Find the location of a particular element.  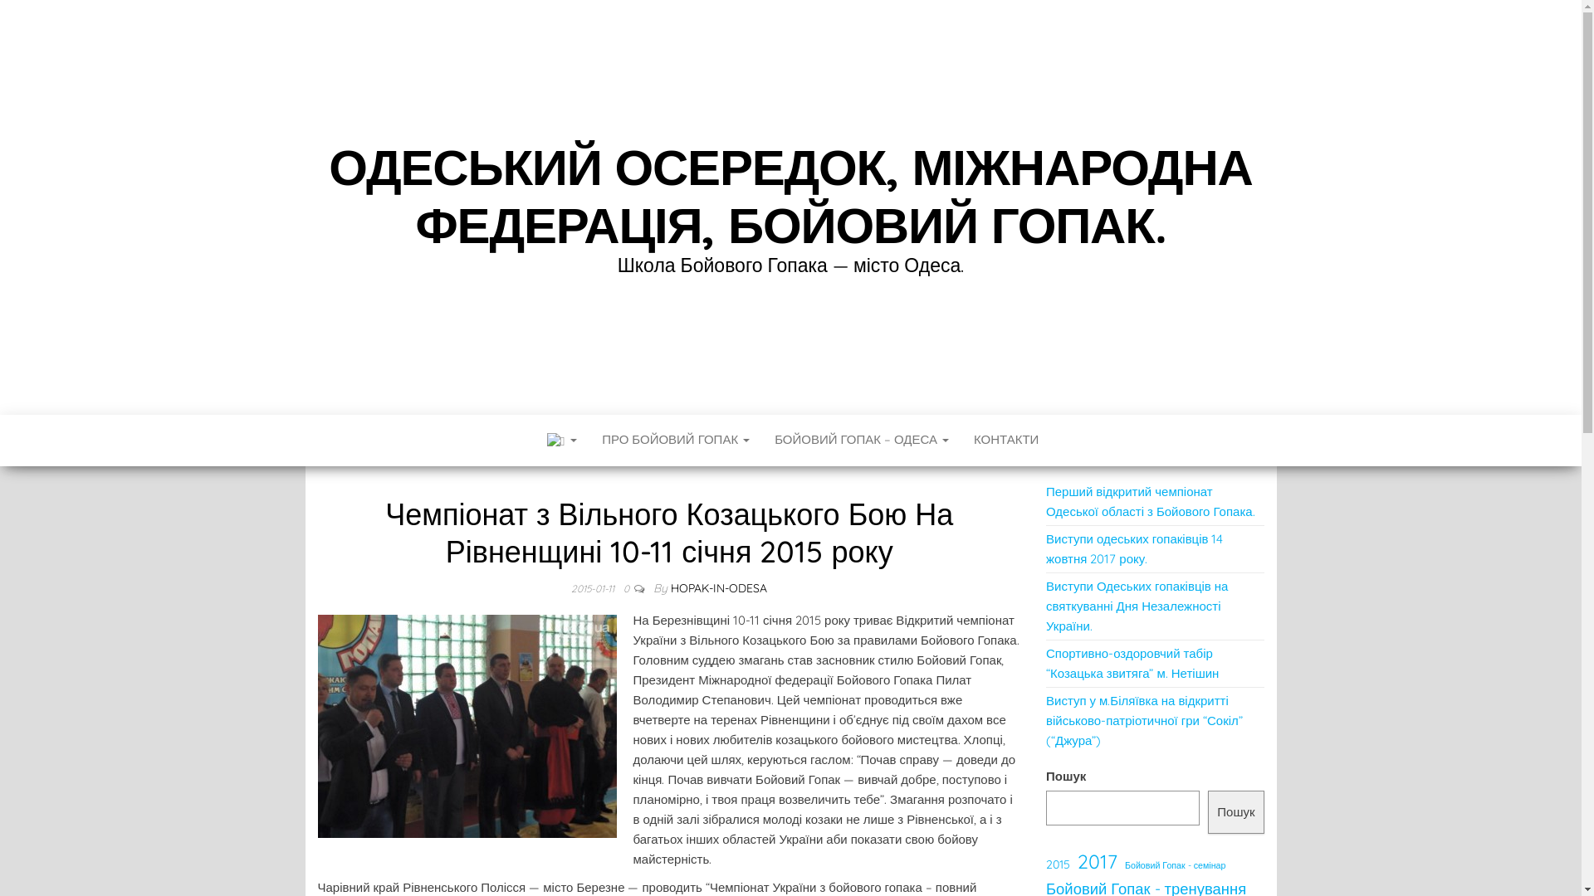

'0' is located at coordinates (622, 587).